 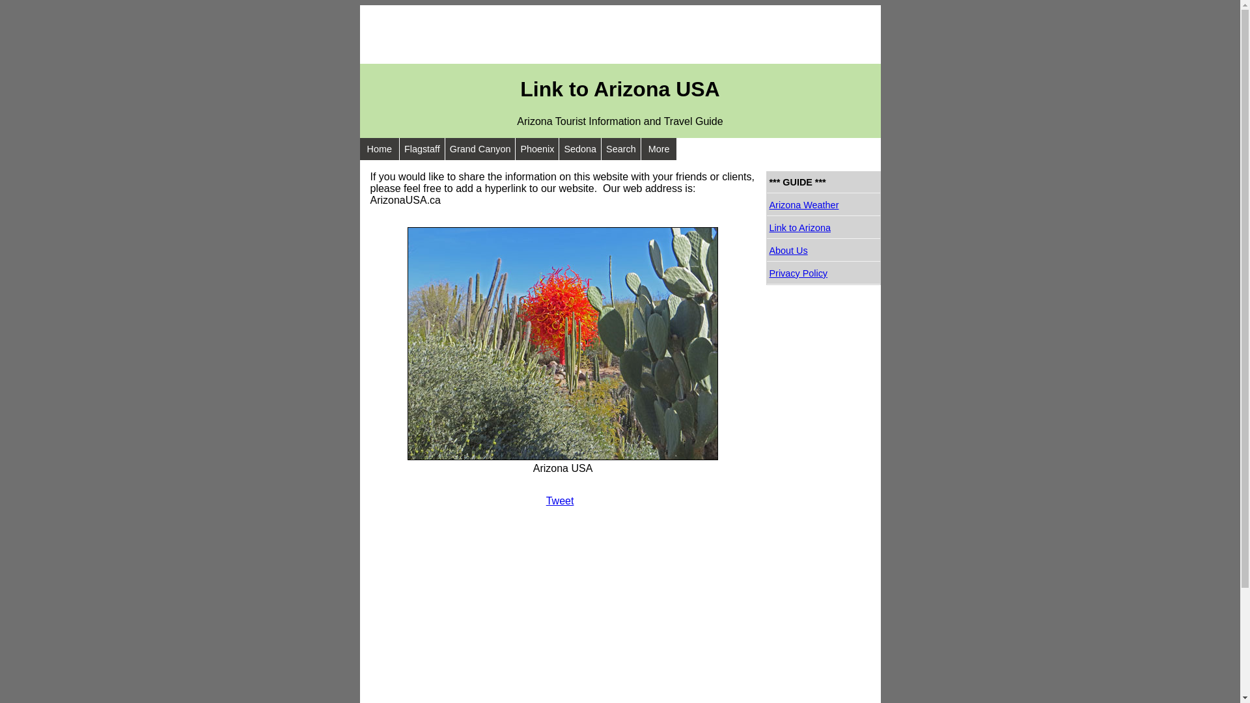 What do you see at coordinates (422, 148) in the screenshot?
I see `'Flagstaff'` at bounding box center [422, 148].